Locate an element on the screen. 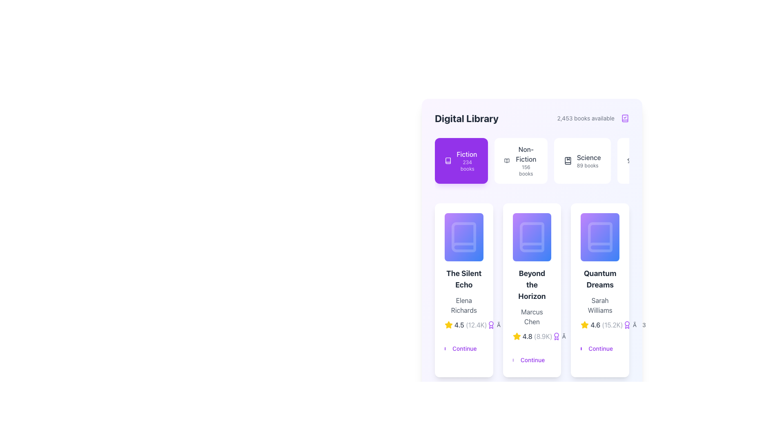  the clickable button located at the bottom center of the card for 'The Silent Echo' is located at coordinates (464, 345).